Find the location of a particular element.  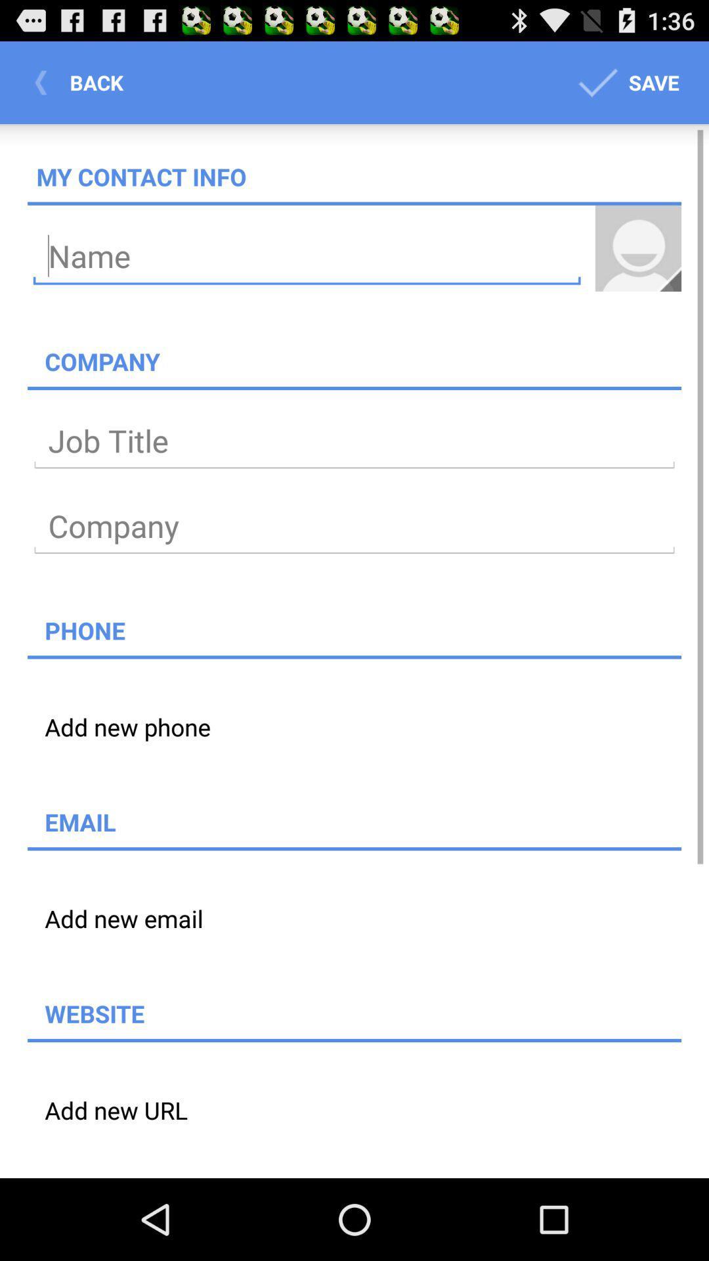

the button next to the save is located at coordinates (83, 81).